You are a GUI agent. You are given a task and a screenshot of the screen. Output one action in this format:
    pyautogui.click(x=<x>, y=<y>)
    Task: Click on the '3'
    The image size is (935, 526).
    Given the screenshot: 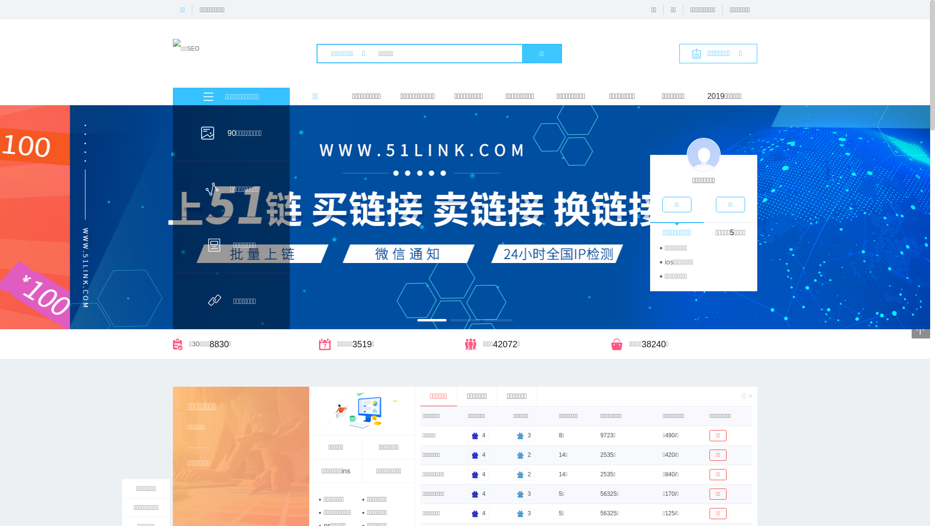 What is the action you would take?
    pyautogui.click(x=523, y=435)
    